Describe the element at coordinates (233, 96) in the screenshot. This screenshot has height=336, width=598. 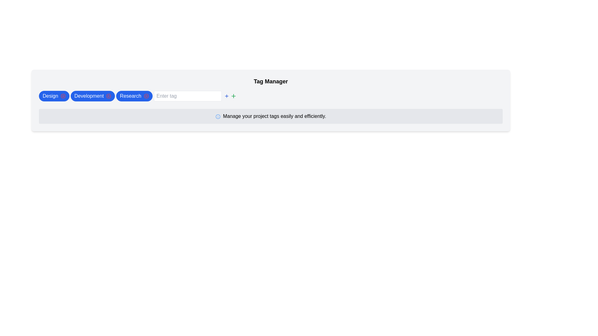
I see `the green plus sign icon button located next to the 'Enter tag' input field` at that location.